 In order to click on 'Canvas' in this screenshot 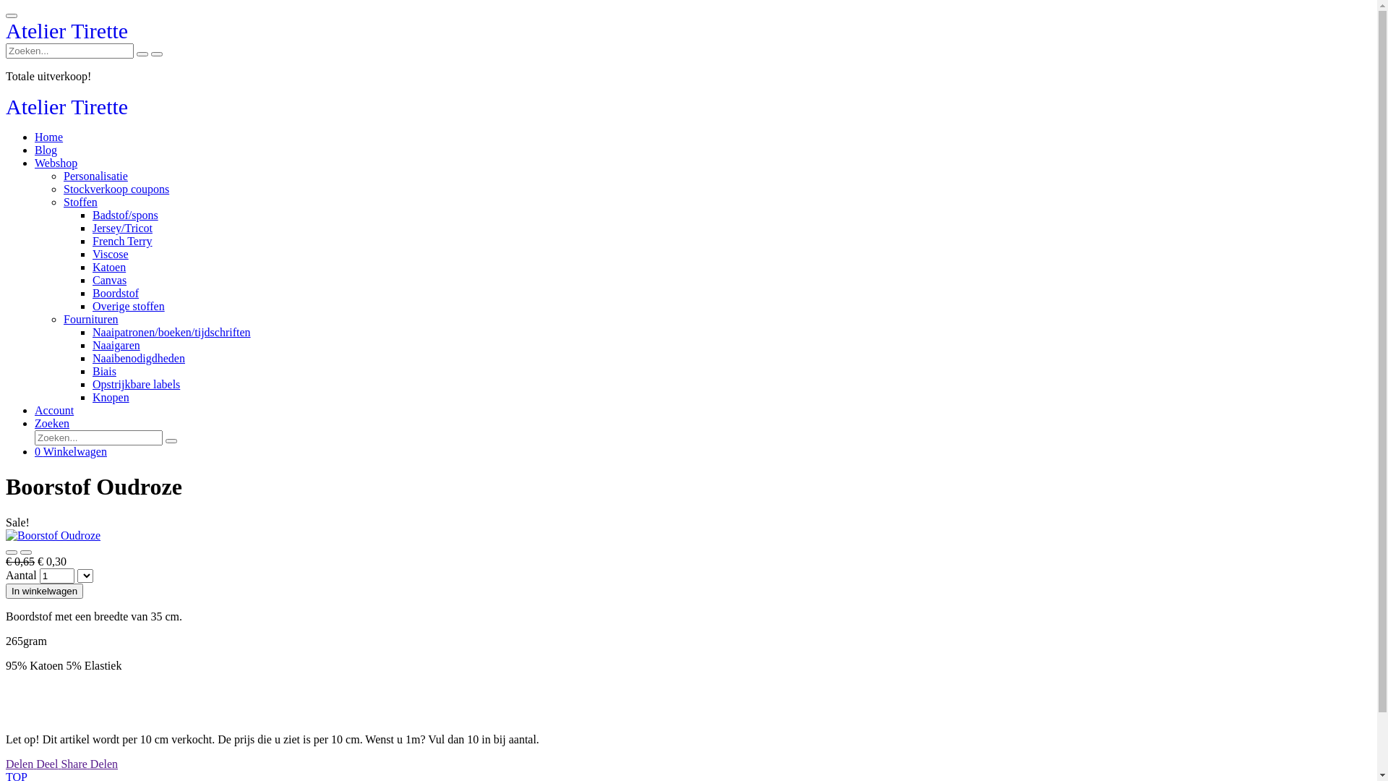, I will do `click(108, 280)`.